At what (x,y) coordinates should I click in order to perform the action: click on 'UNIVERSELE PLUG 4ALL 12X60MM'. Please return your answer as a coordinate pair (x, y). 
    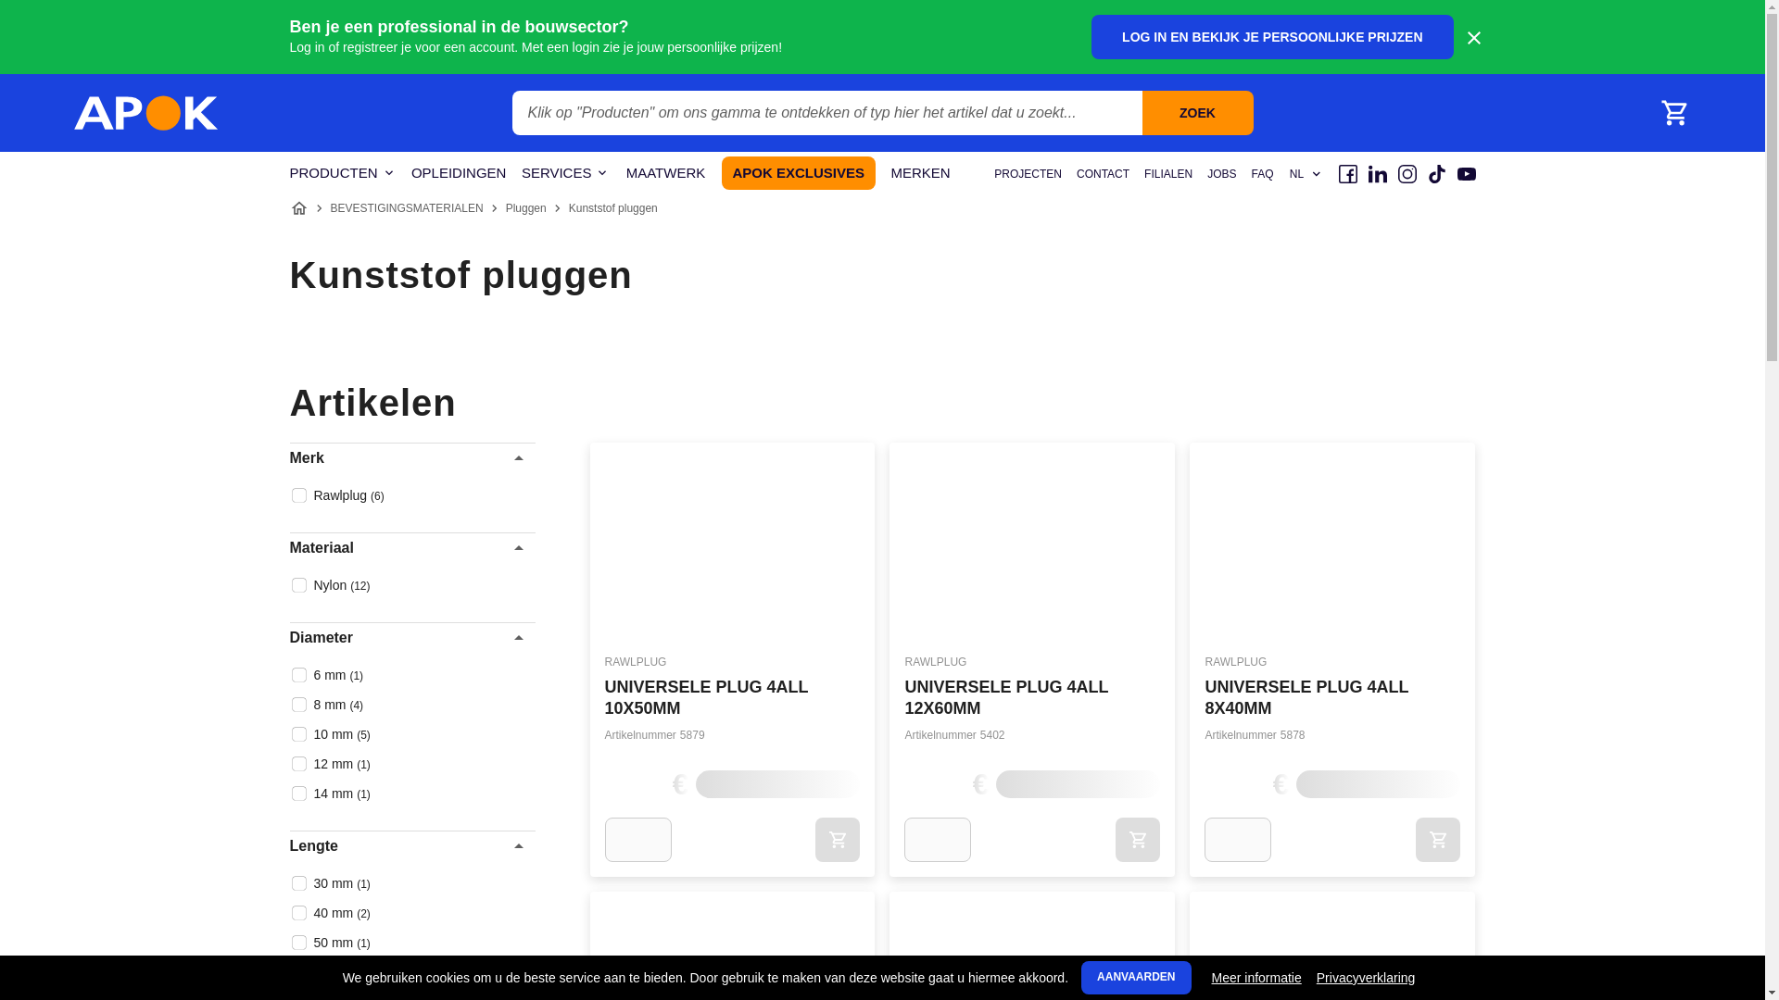
    Looking at the image, I should click on (1004, 697).